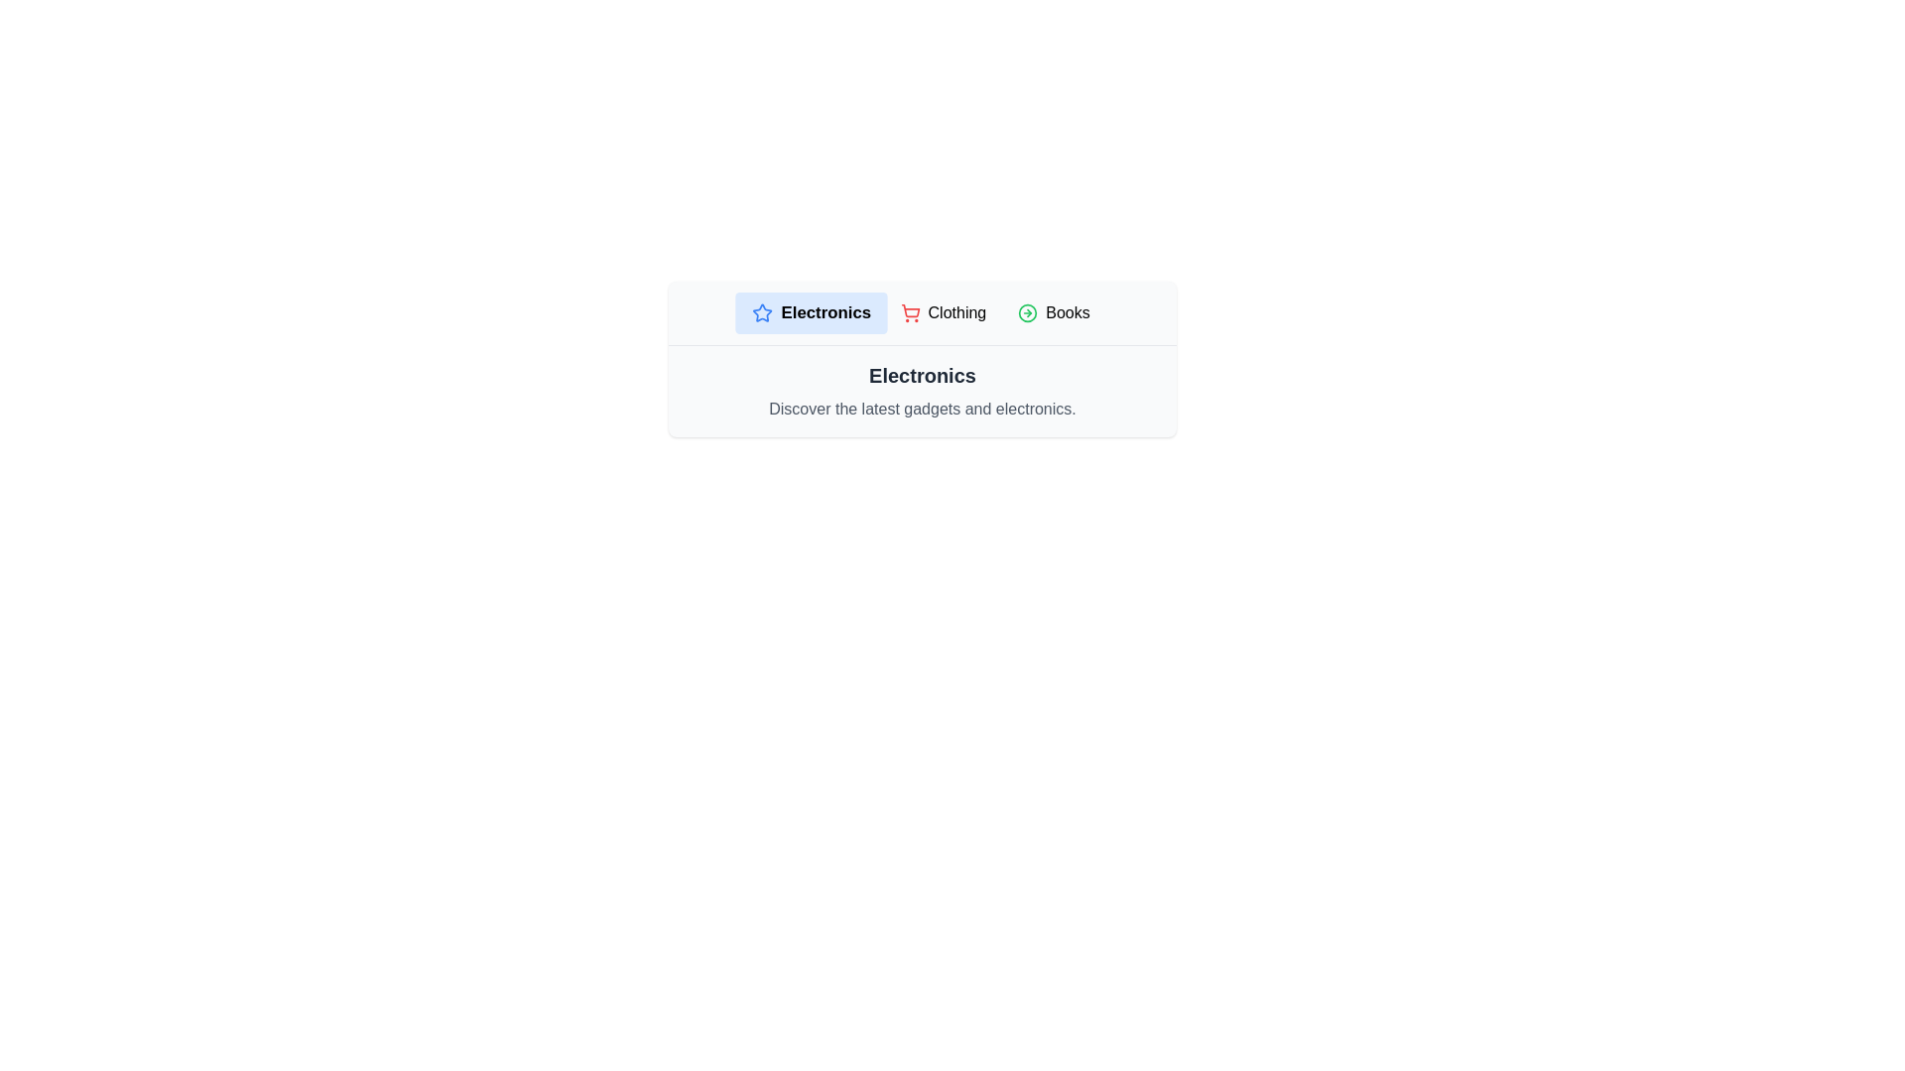 The height and width of the screenshot is (1071, 1905). Describe the element at coordinates (761, 312) in the screenshot. I see `the icon for the Electronics category to observe its visual representation` at that location.